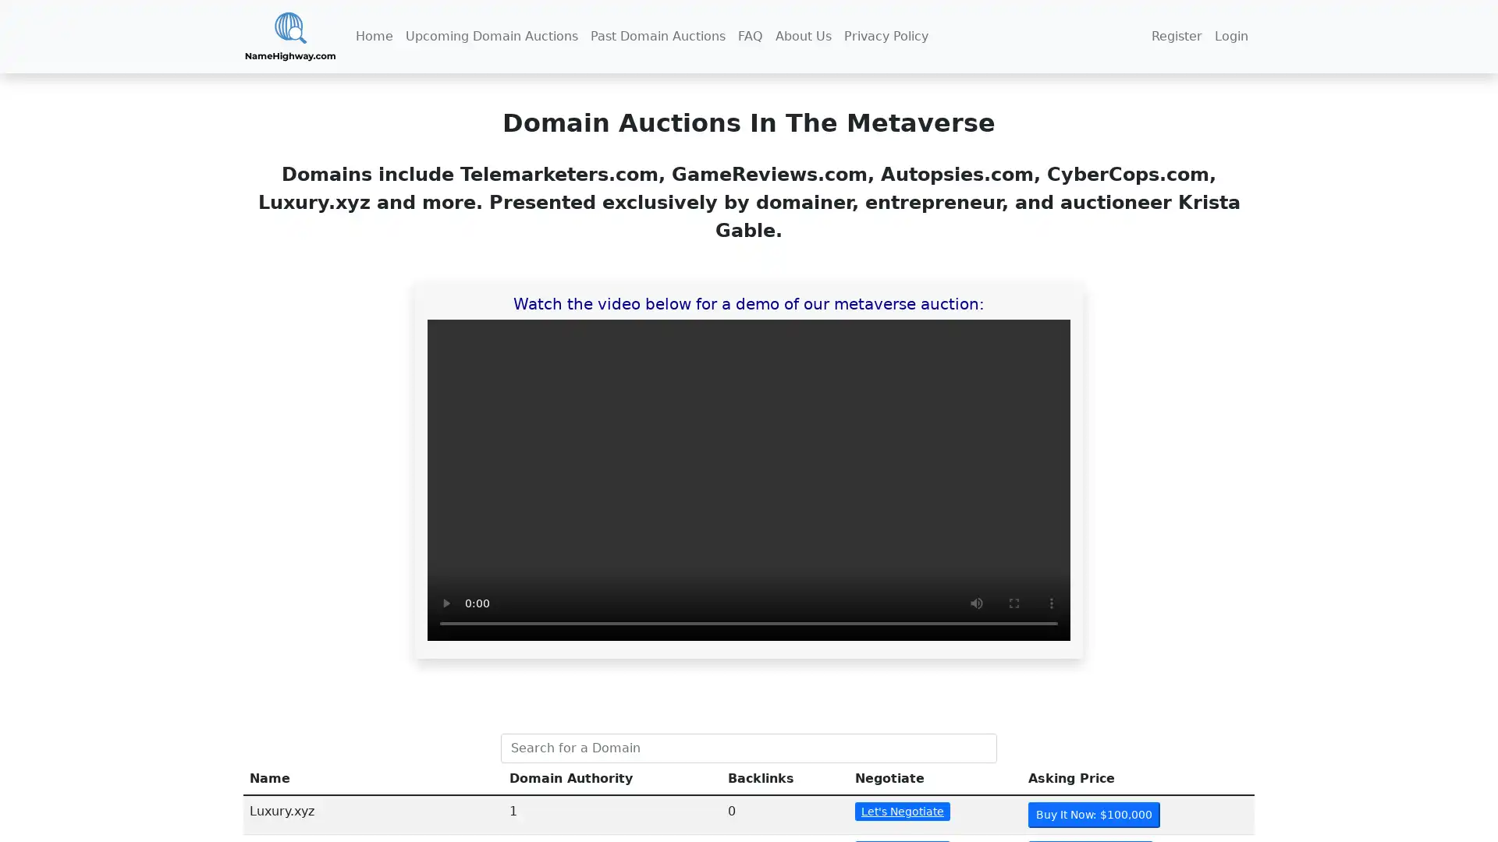 This screenshot has height=842, width=1498. I want to click on play, so click(445, 603).